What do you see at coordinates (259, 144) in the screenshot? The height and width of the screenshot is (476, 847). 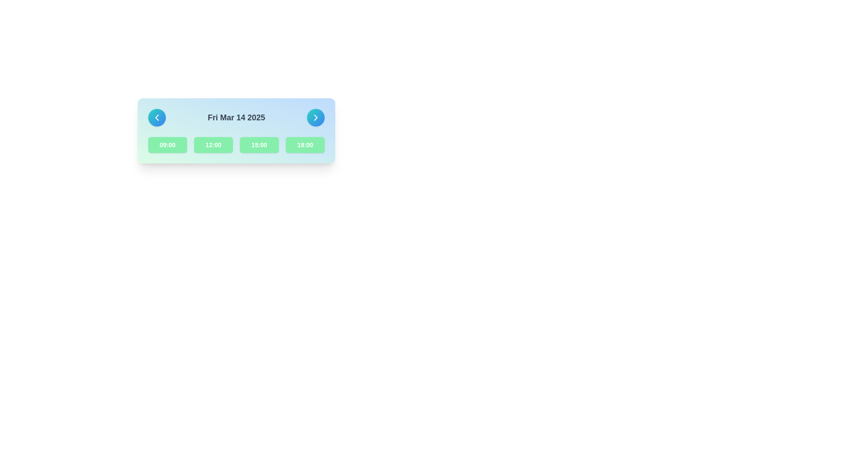 I see `the rectangular button with rounded corners, light green background, and bold white text '15:00'` at bounding box center [259, 144].